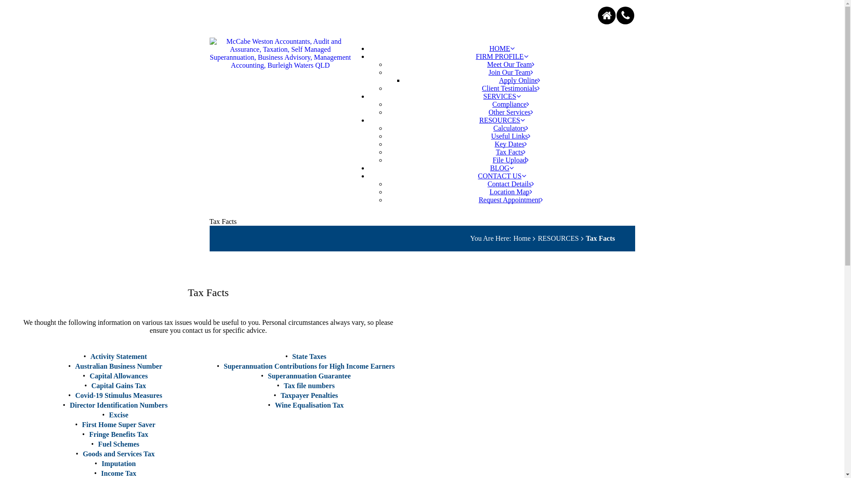  I want to click on 'CONTACT US', so click(502, 176).